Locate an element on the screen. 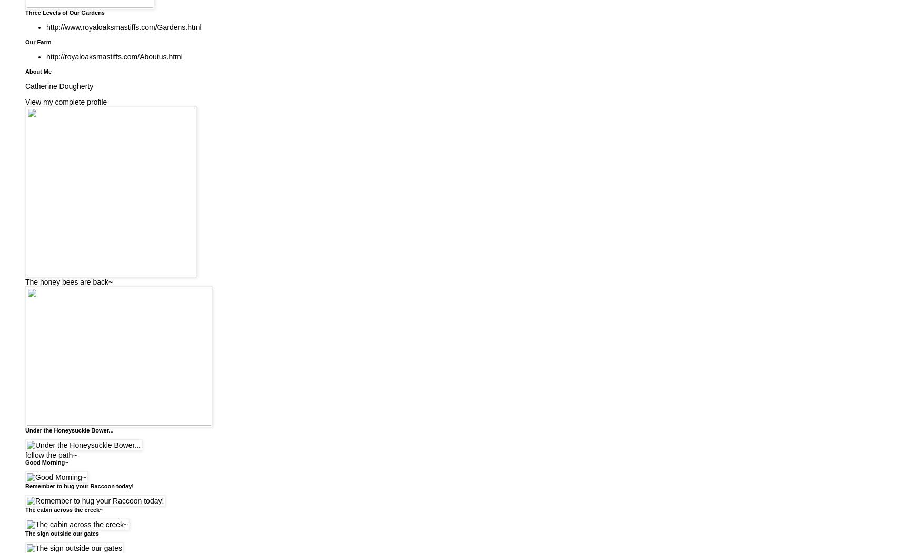 This screenshot has width=903, height=553. 'Good Morning~' is located at coordinates (46, 461).